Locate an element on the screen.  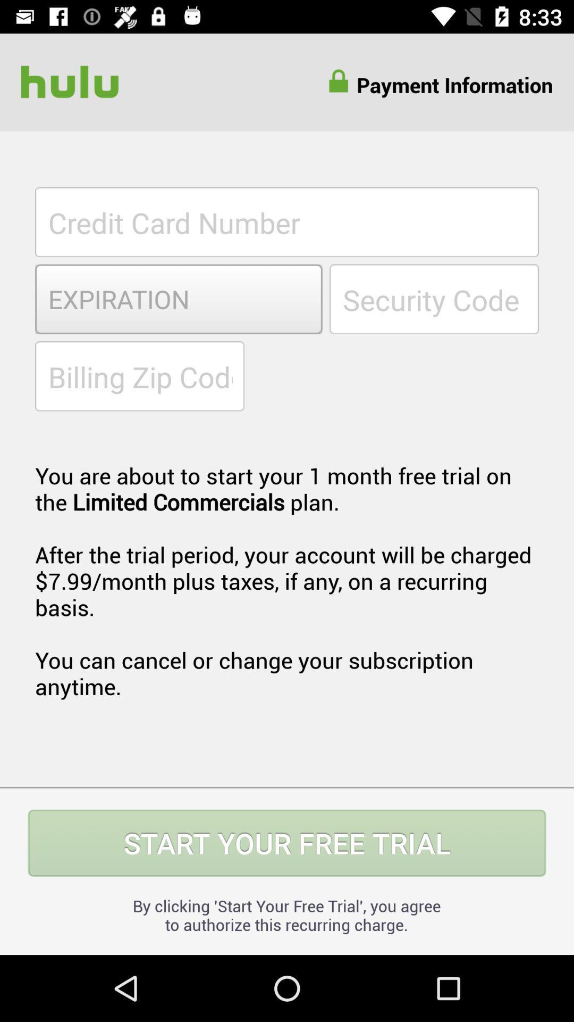
zip code is located at coordinates (139, 376).